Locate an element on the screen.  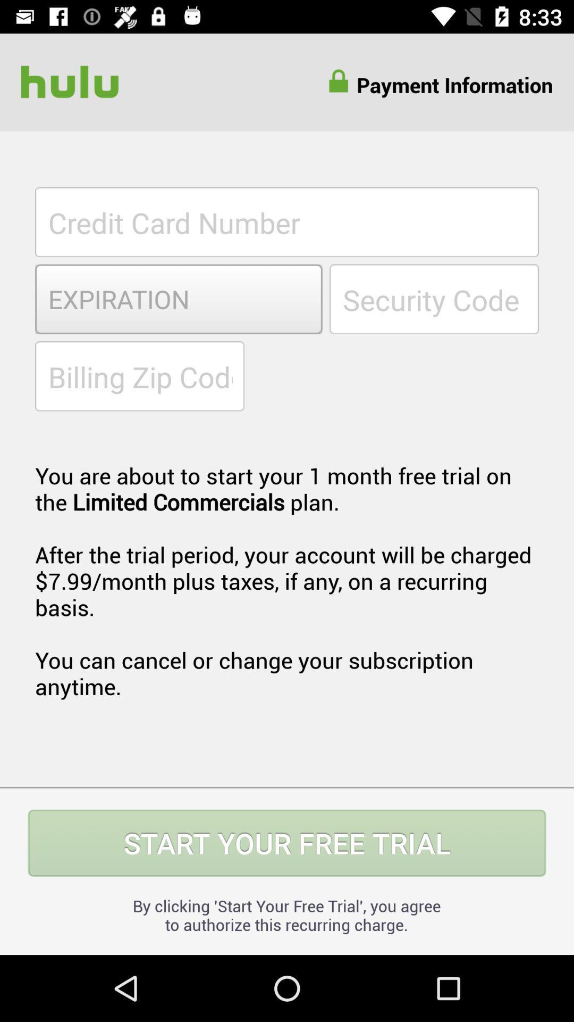
zip code is located at coordinates (139, 376).